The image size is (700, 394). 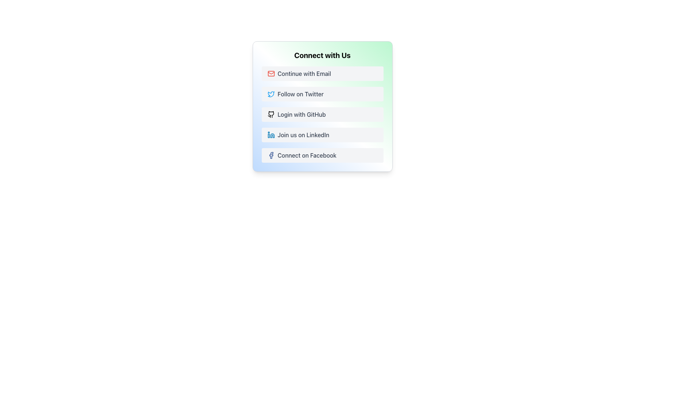 I want to click on the second button in the Vertical Button Group under the 'Connect with Us' section, so click(x=322, y=114).